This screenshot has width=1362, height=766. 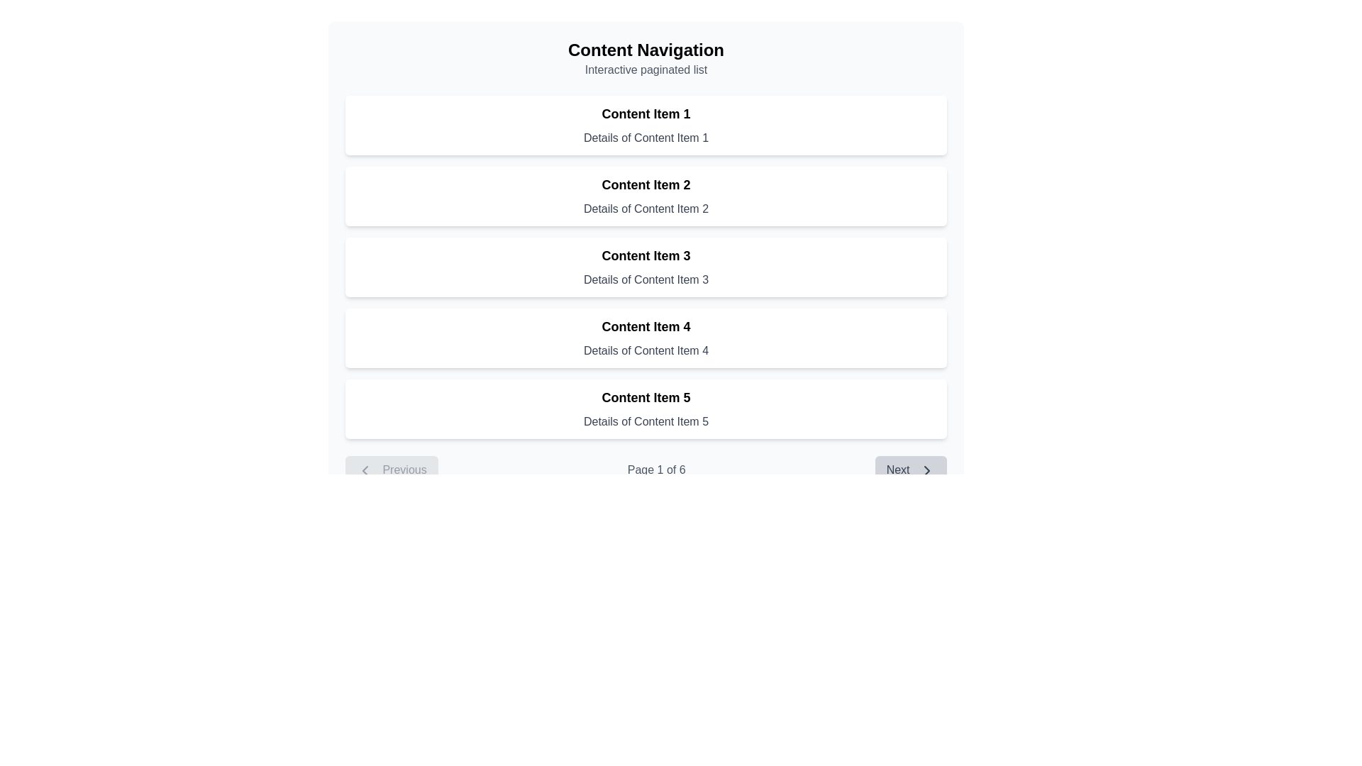 I want to click on the static text label providing additional descriptive information about 'Content Item 1', which is the second line of text in the first block under this title, so click(x=646, y=138).